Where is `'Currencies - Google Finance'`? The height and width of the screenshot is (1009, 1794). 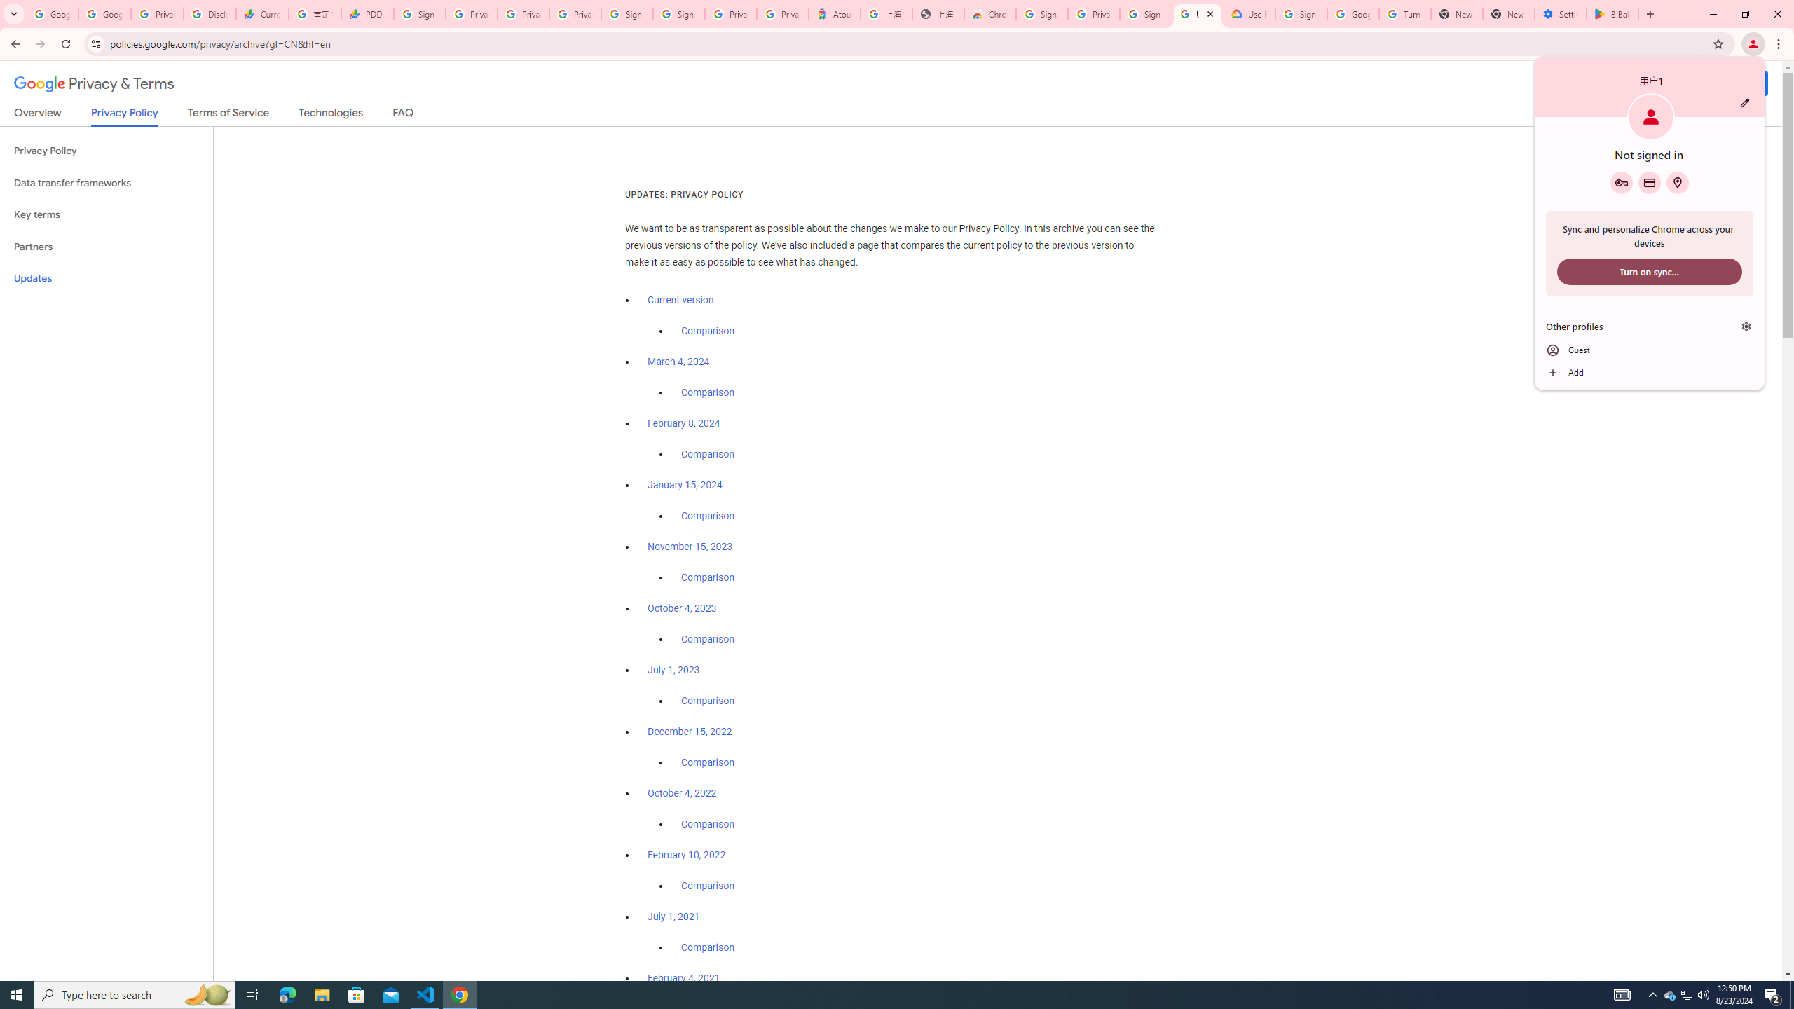
'Currencies - Google Finance' is located at coordinates (261, 13).